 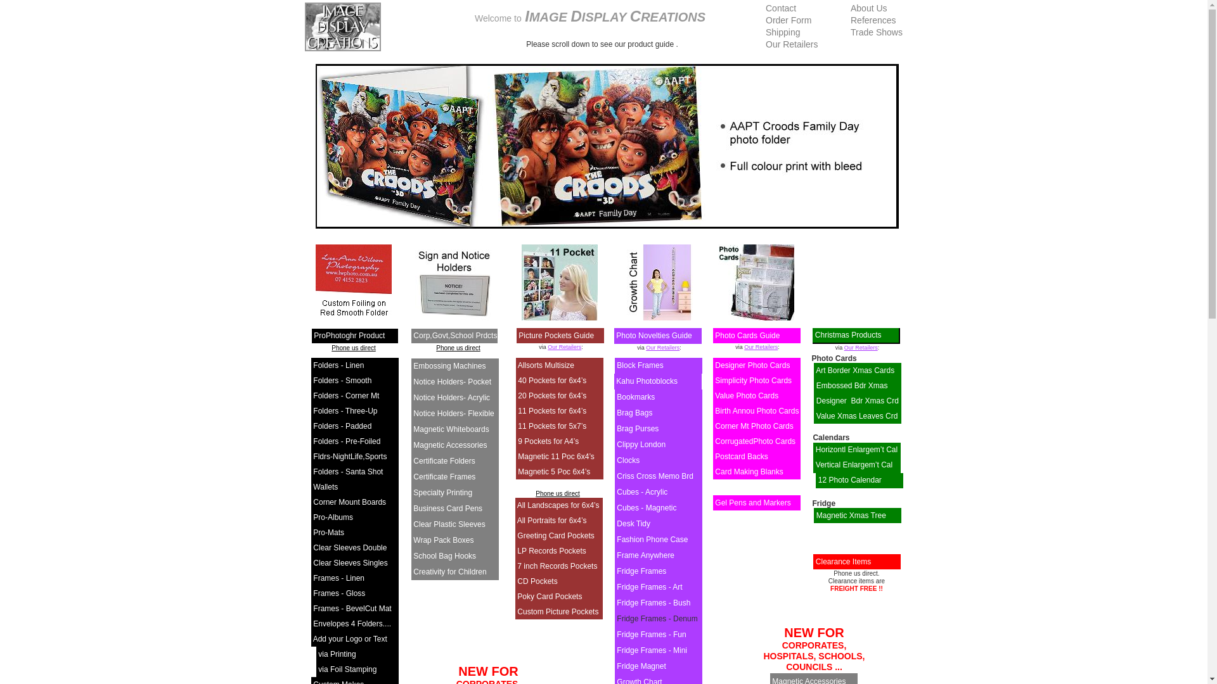 I want to click on 'About Us', so click(x=868, y=8).